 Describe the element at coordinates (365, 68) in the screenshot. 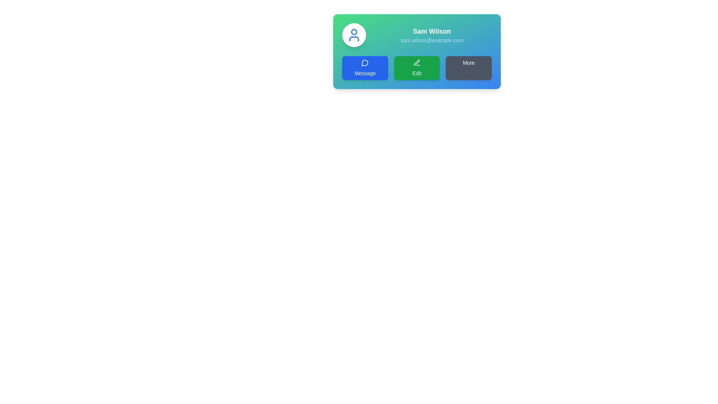

I see `the interactive button positioned on the left side of the horizontal grid layout` at that location.